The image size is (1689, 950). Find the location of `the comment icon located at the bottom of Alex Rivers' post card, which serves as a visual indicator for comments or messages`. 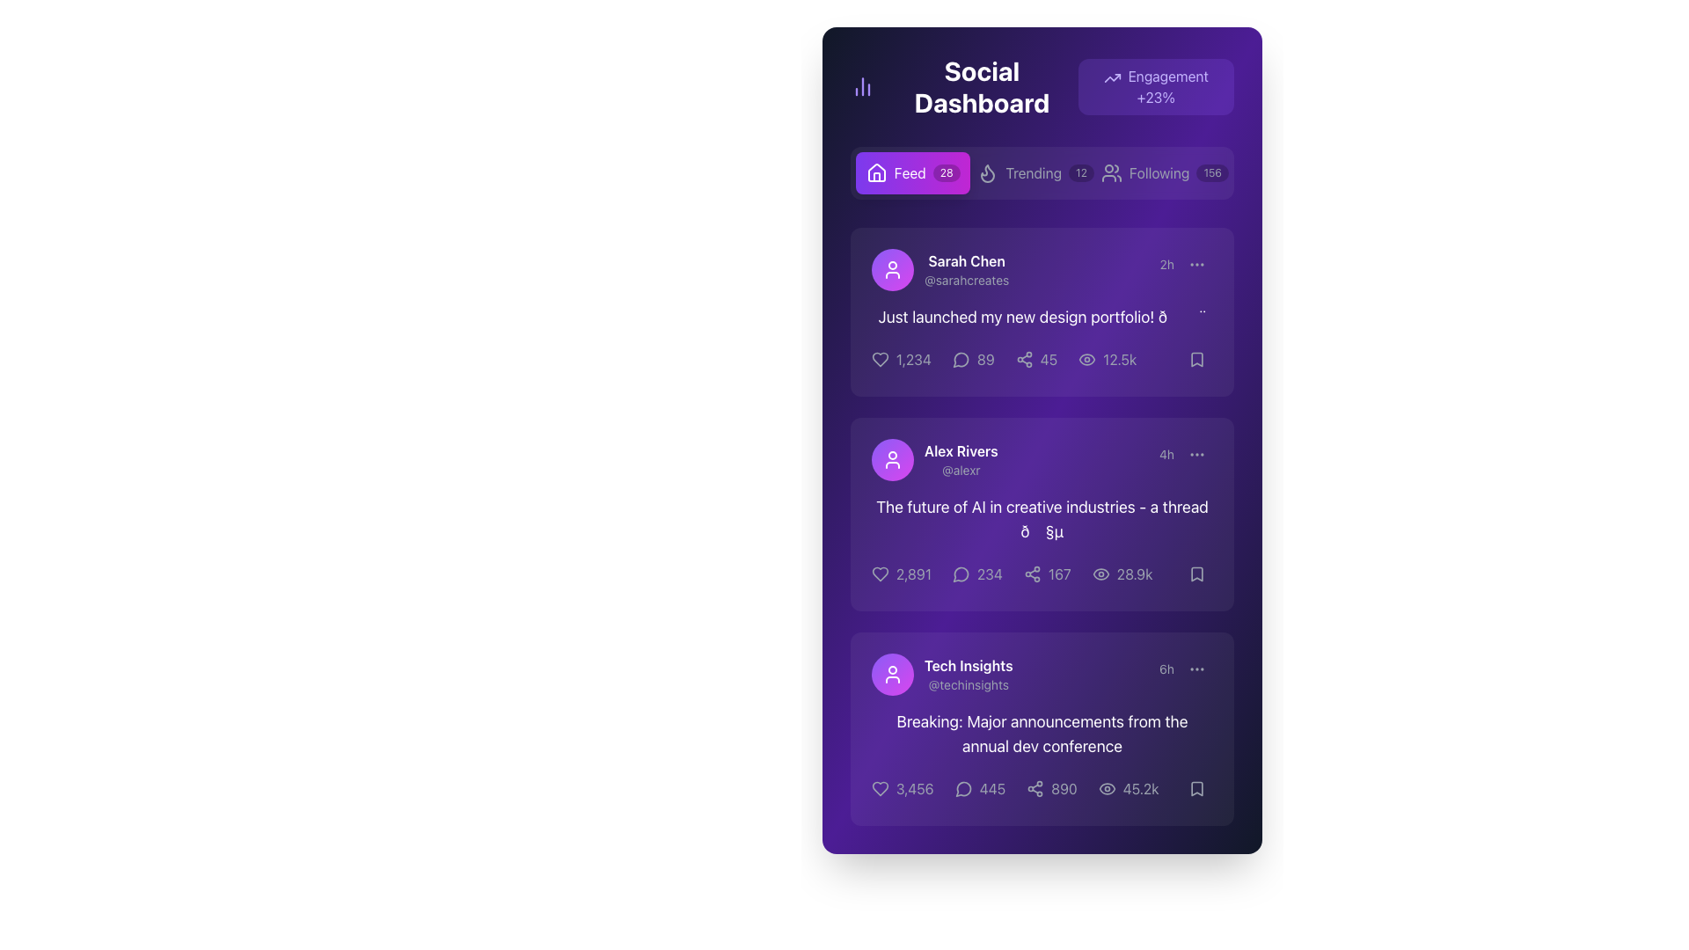

the comment icon located at the bottom of Alex Rivers' post card, which serves as a visual indicator for comments or messages is located at coordinates (960, 574).